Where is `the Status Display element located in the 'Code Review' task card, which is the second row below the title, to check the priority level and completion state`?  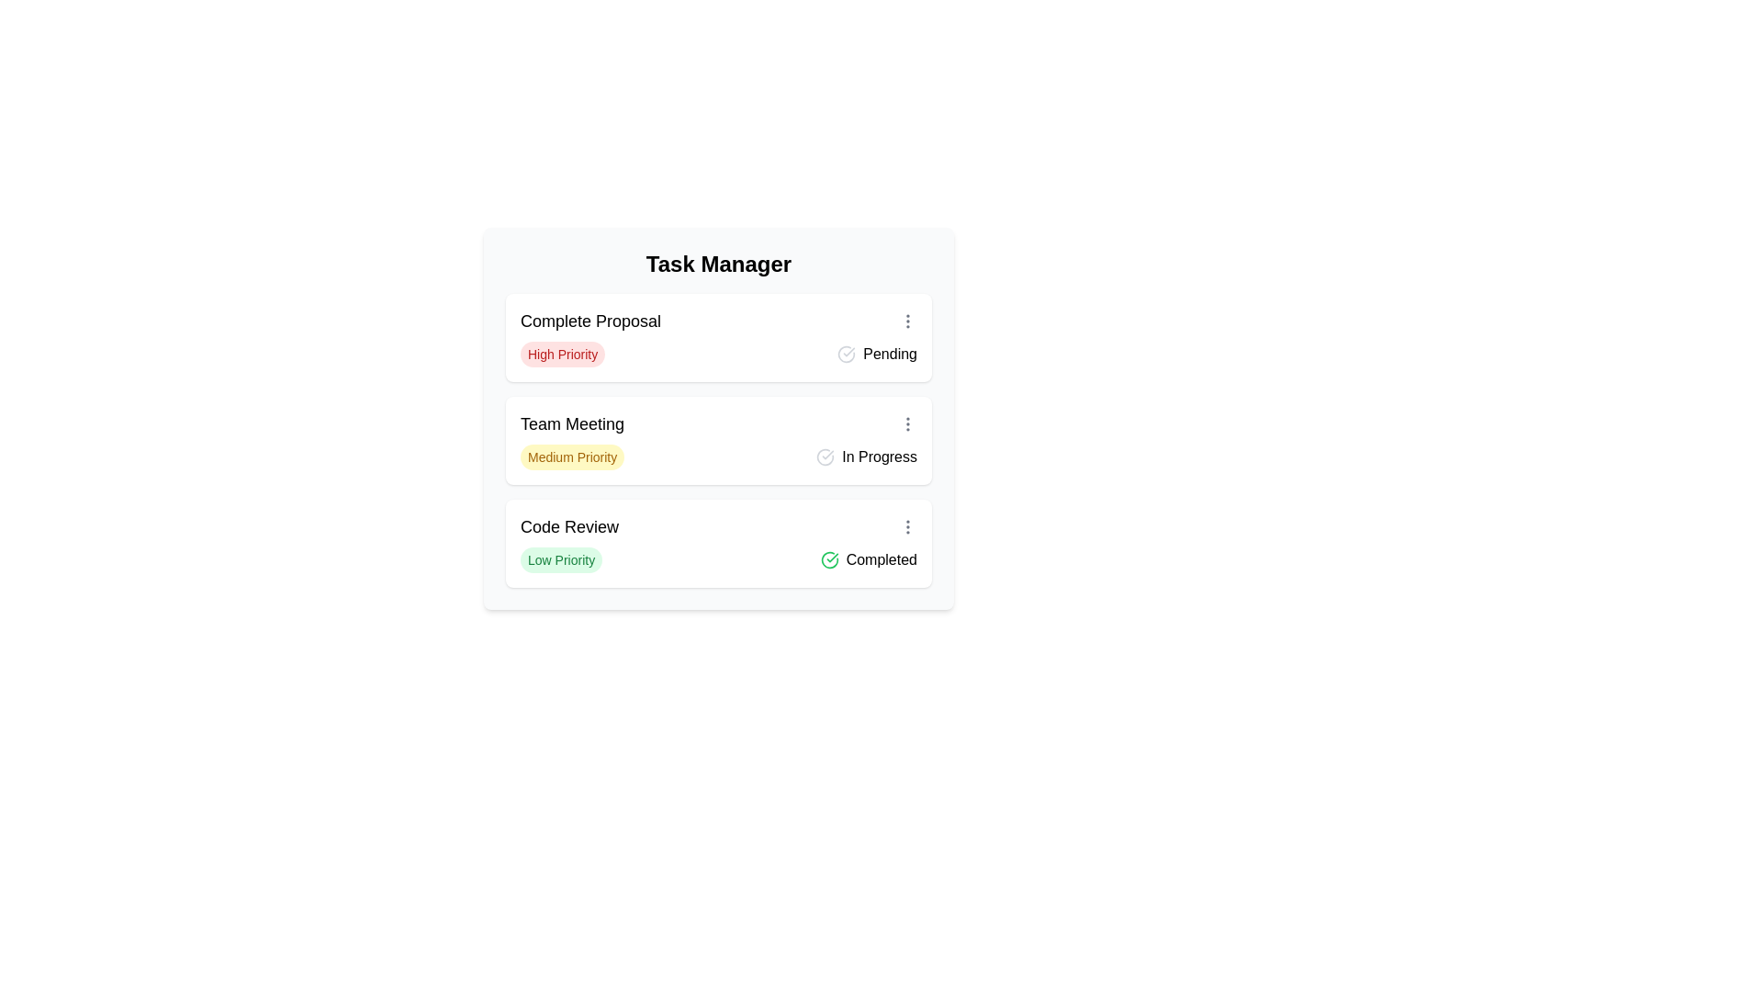
the Status Display element located in the 'Code Review' task card, which is the second row below the title, to check the priority level and completion state is located at coordinates (717, 558).